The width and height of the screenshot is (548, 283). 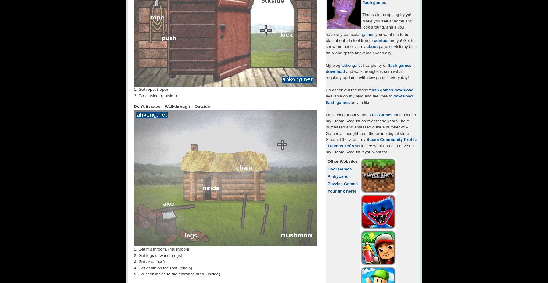 What do you see at coordinates (371, 49) in the screenshot?
I see `'page or visit my blog daily and get to know me eventually!'` at bounding box center [371, 49].